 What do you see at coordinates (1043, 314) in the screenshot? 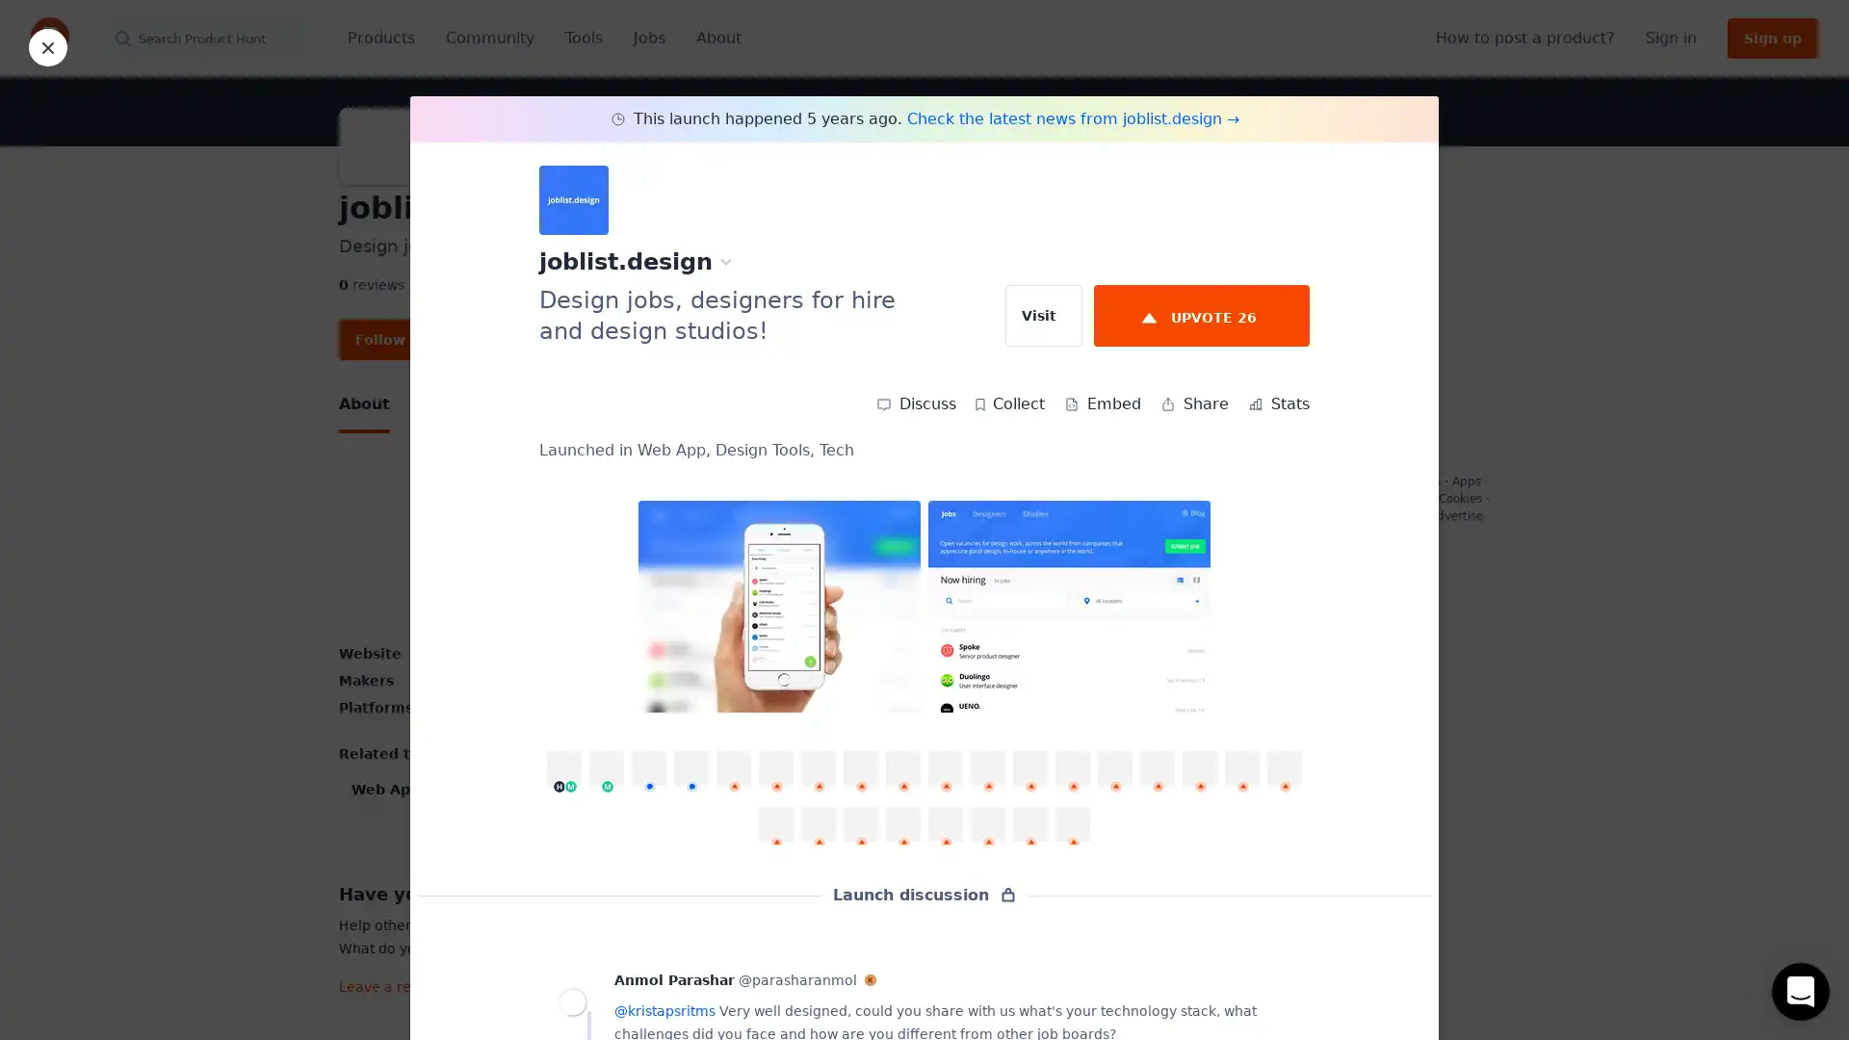
I see `Visit` at bounding box center [1043, 314].